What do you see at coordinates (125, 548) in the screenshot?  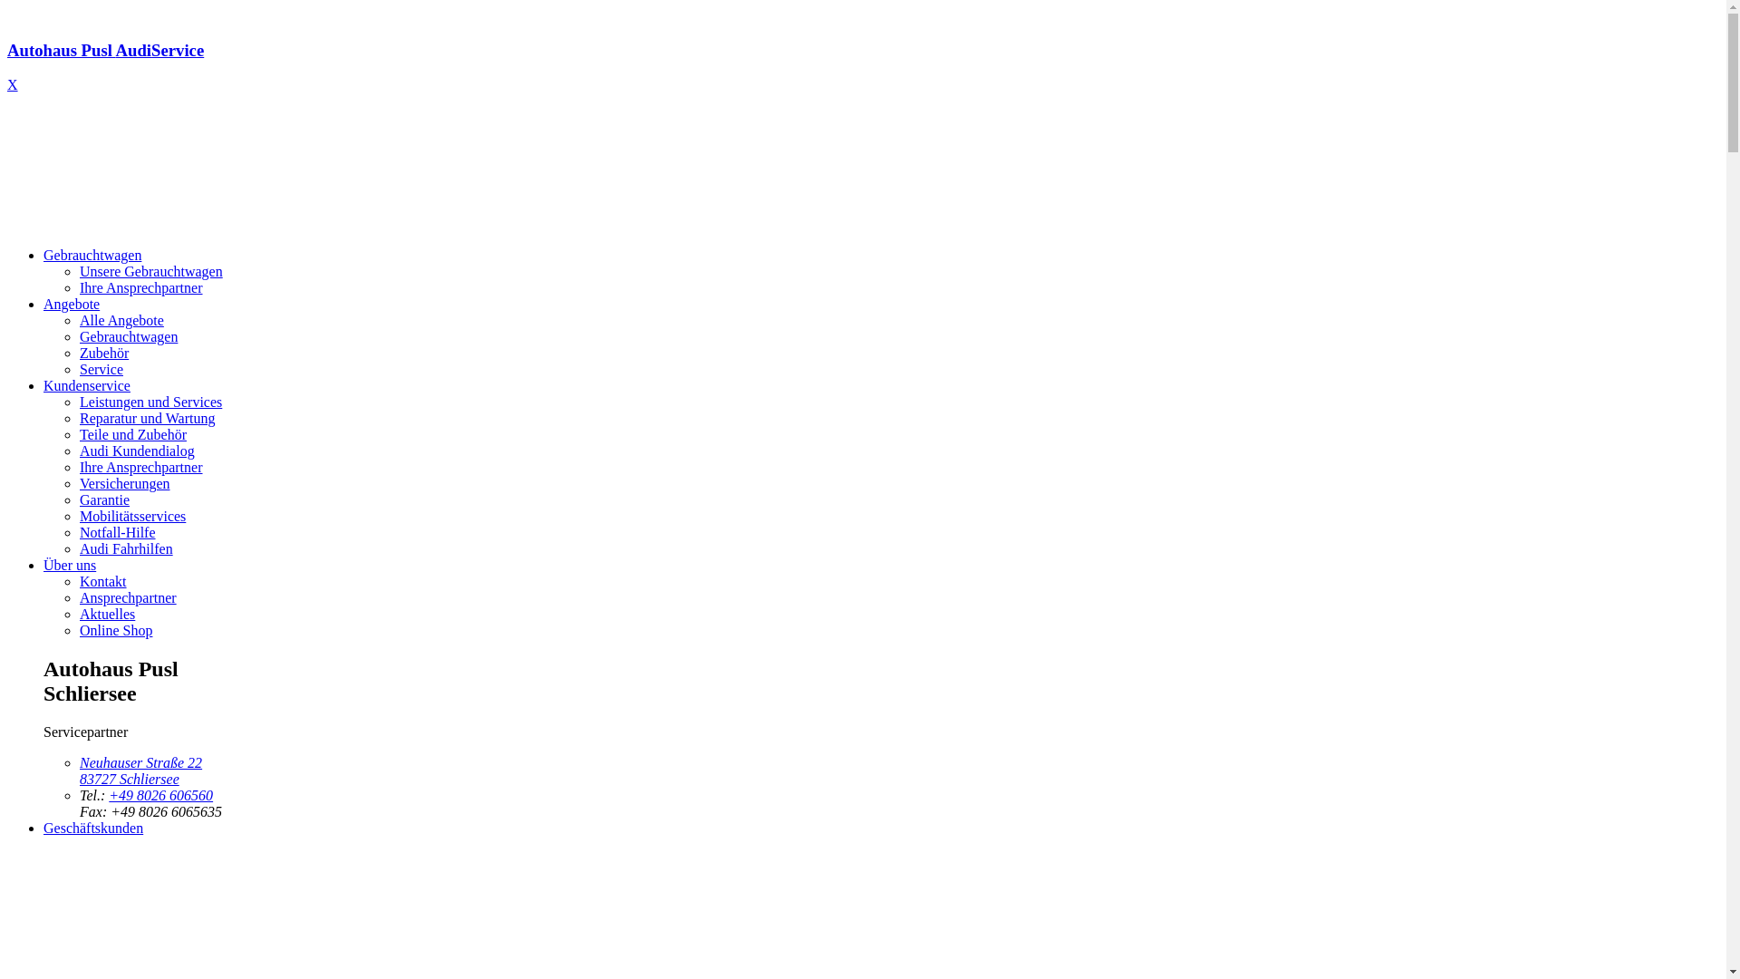 I see `'Audi Fahrhilfen'` at bounding box center [125, 548].